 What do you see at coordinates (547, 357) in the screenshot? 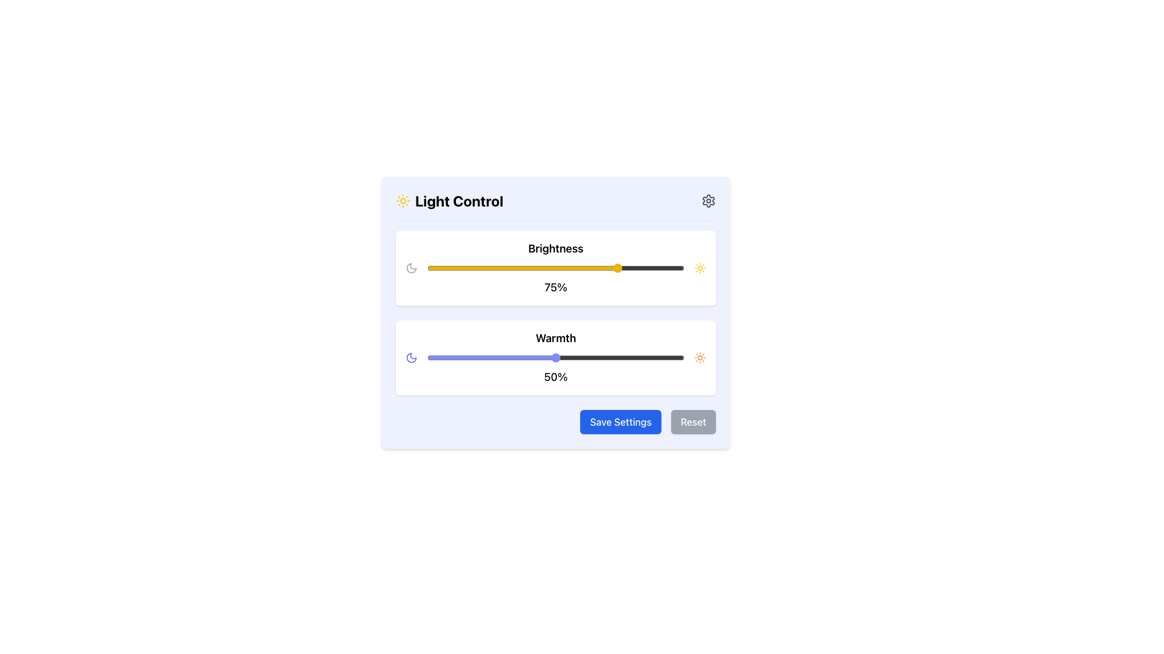
I see `warmth` at bounding box center [547, 357].